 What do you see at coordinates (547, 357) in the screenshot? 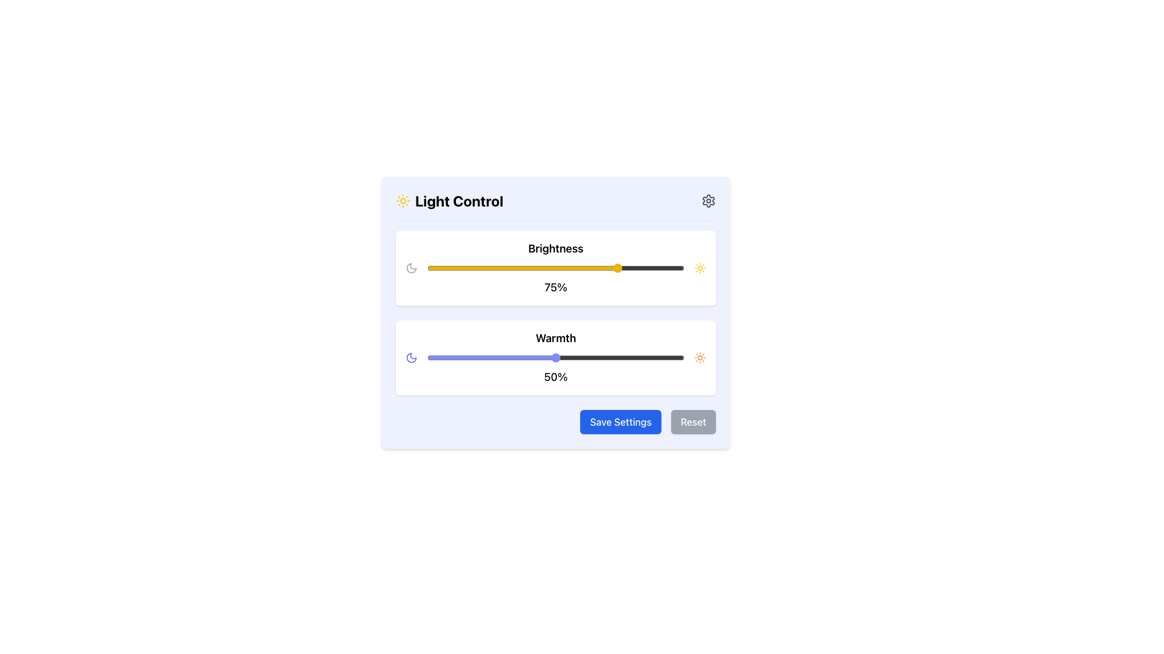
I see `warmth` at bounding box center [547, 357].